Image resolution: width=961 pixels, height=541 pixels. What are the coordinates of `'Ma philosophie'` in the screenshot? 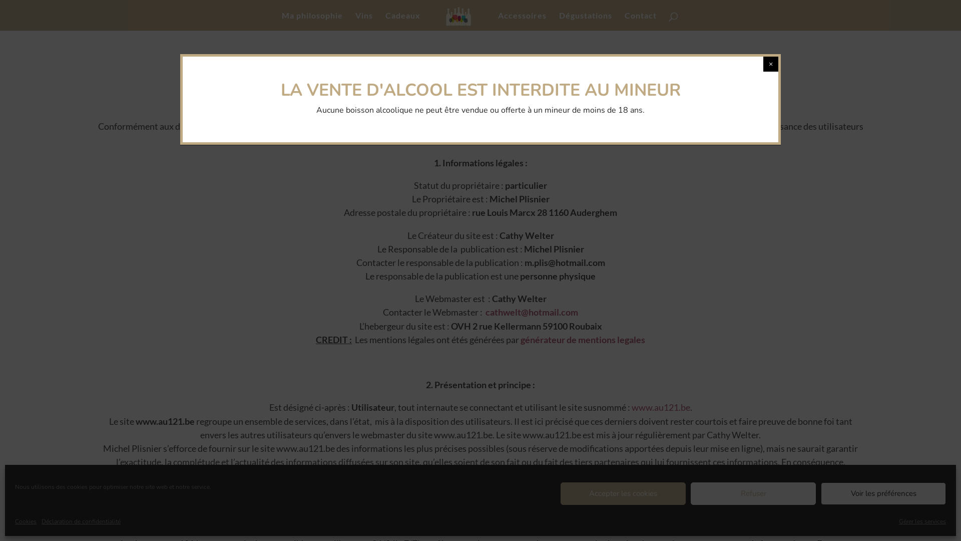 It's located at (312, 21).